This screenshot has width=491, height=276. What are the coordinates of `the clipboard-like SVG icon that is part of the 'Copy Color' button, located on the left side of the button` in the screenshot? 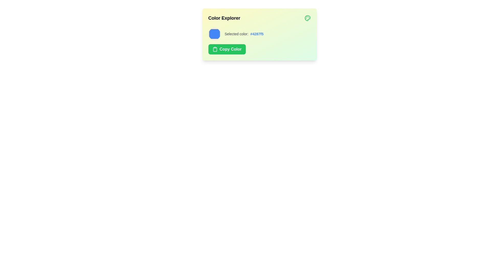 It's located at (215, 49).